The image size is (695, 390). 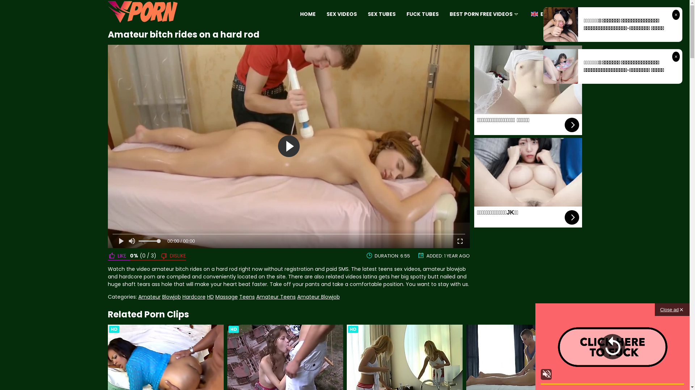 I want to click on 'DISLIKE', so click(x=156, y=255).